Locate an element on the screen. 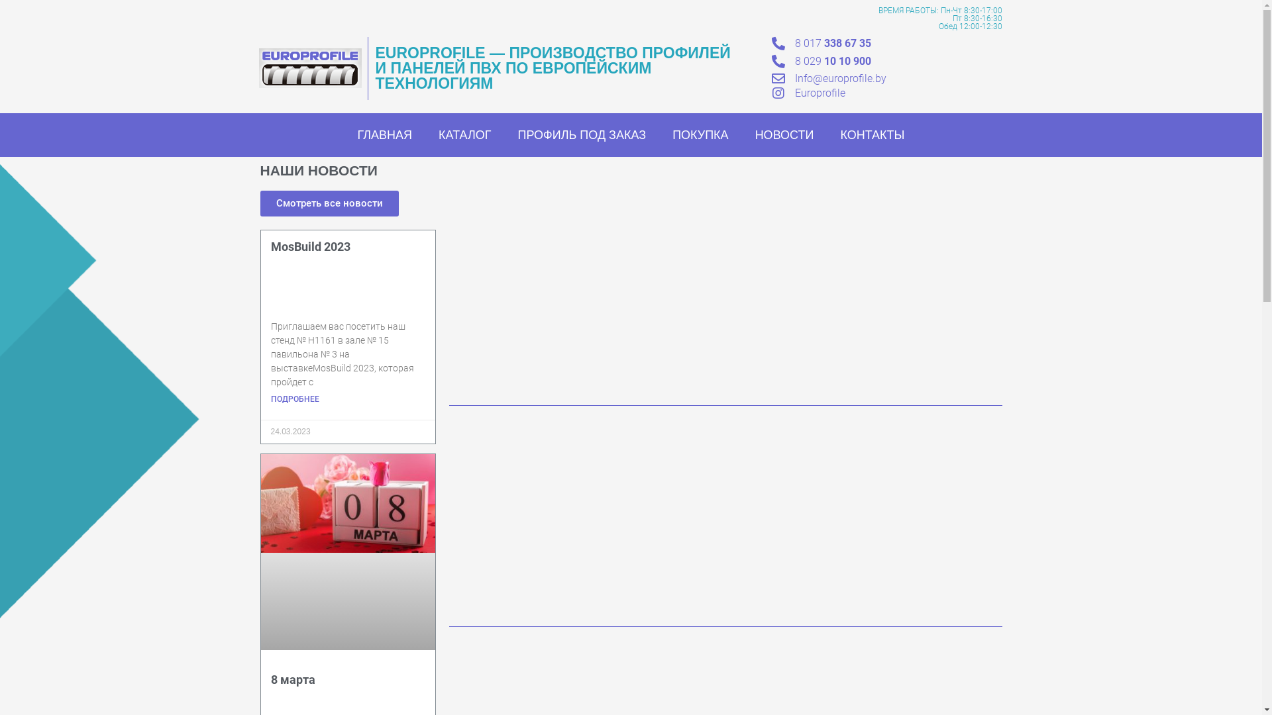  '8 017 338 67 35' is located at coordinates (832, 42).